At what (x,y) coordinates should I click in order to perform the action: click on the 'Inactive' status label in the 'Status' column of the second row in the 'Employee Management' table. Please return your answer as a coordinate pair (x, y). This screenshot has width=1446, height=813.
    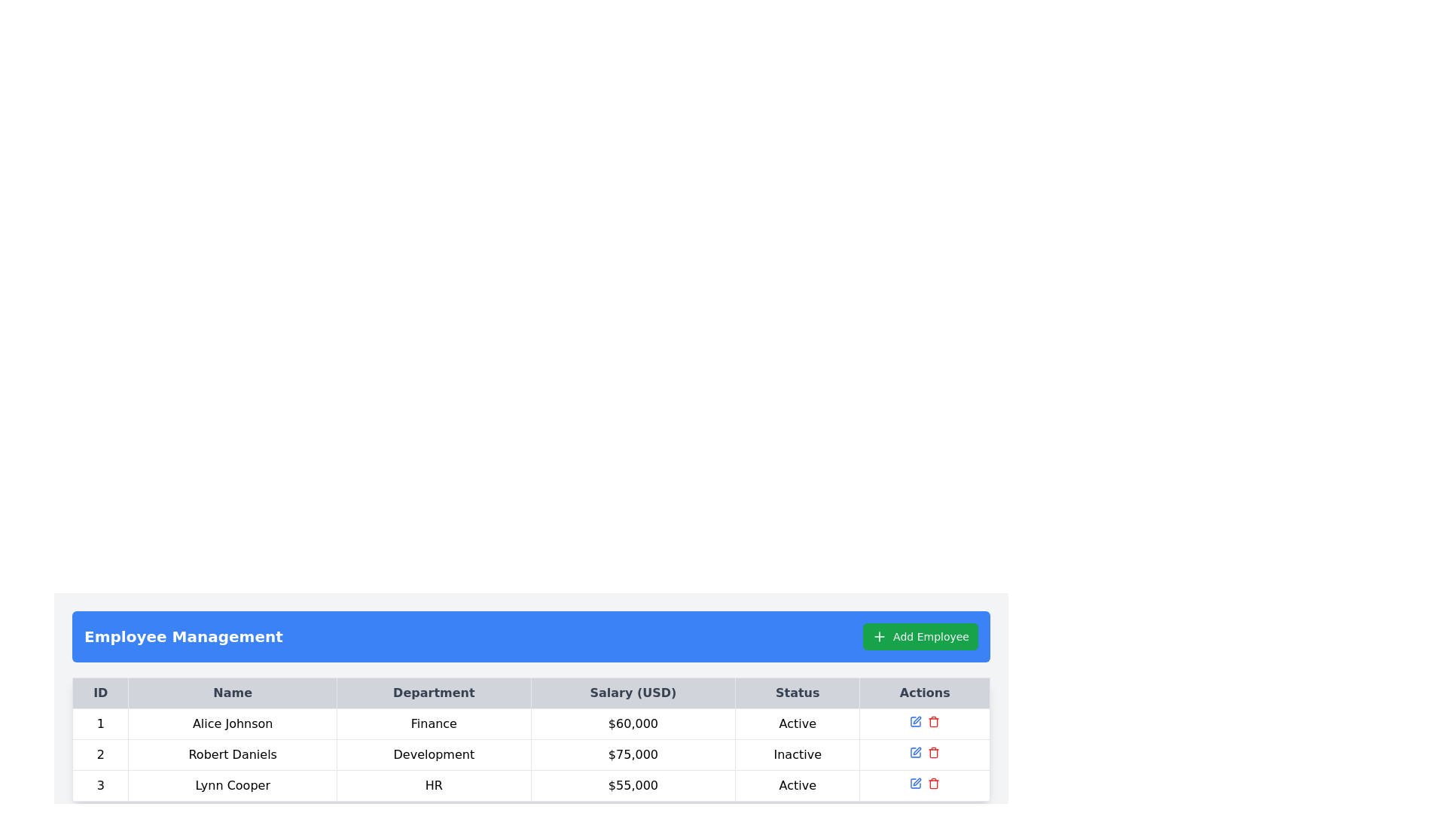
    Looking at the image, I should click on (797, 754).